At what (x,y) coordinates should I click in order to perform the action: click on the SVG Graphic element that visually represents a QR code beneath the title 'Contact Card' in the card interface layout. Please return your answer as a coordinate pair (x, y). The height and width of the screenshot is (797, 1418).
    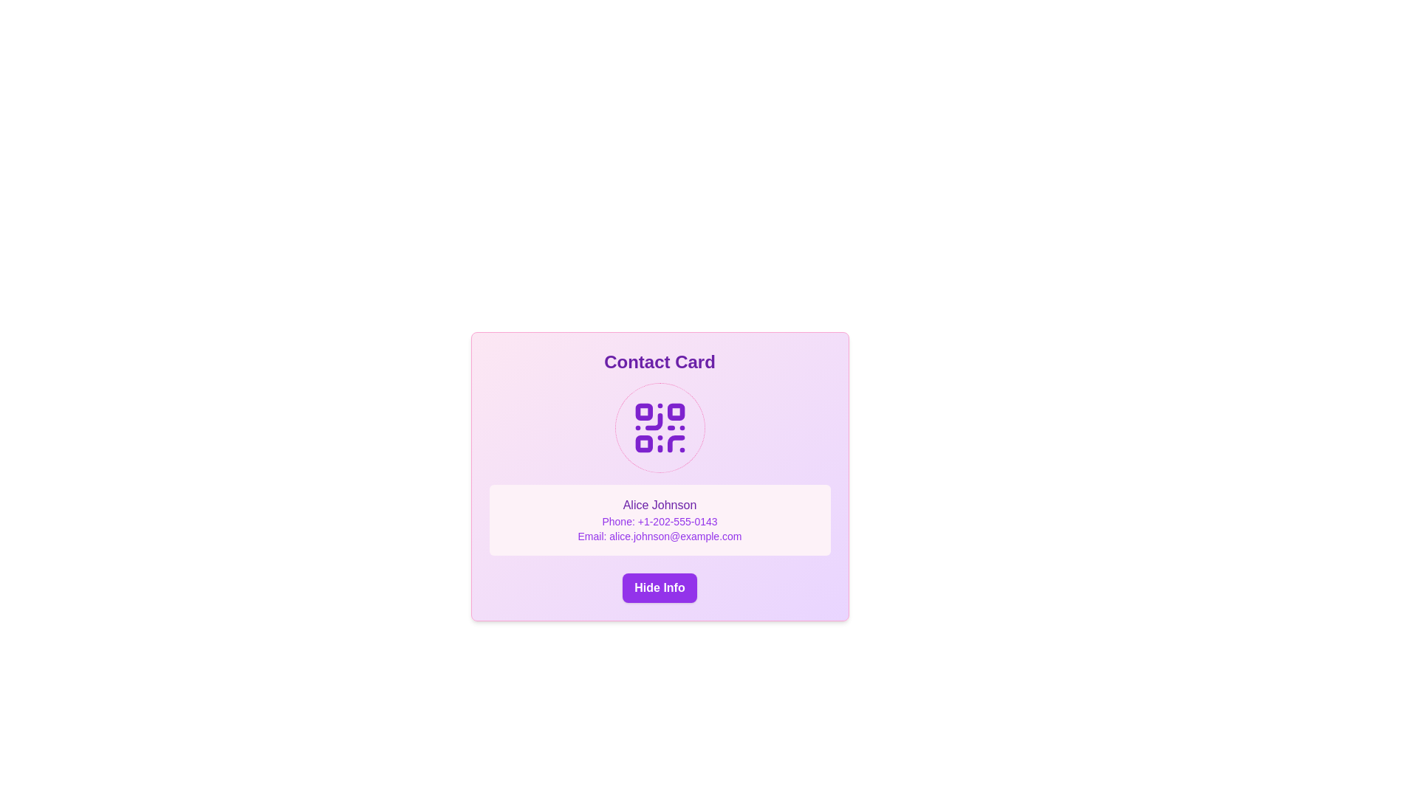
    Looking at the image, I should click on (659, 427).